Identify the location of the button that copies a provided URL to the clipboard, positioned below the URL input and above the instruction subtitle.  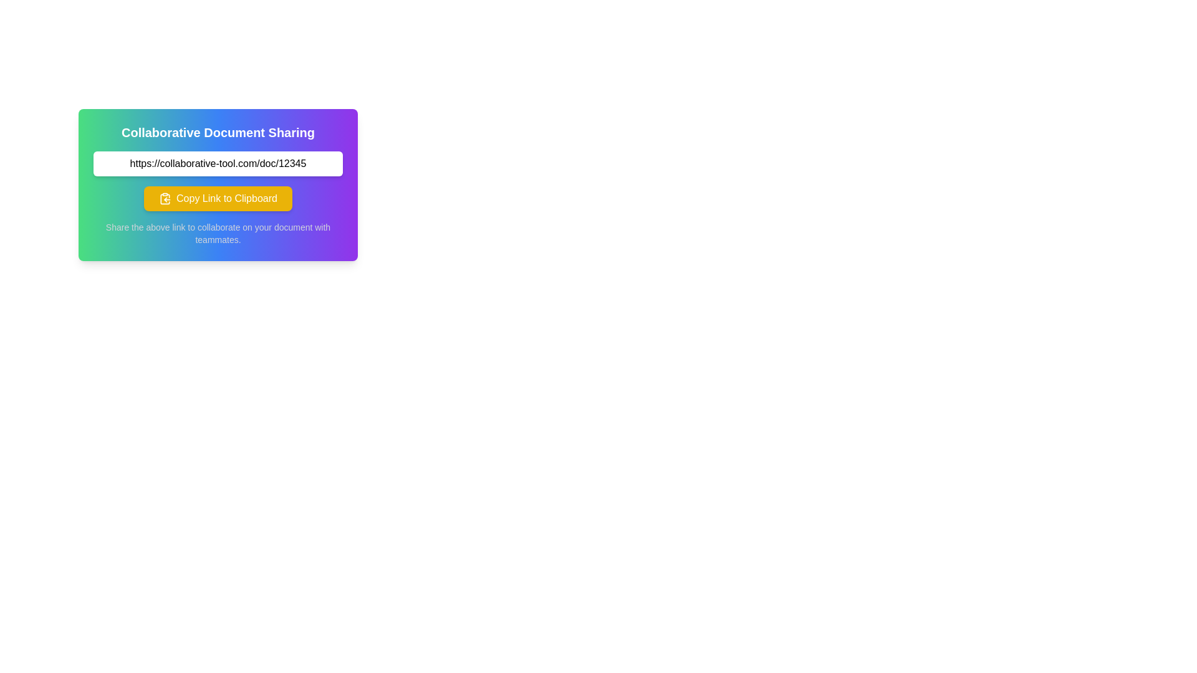
(218, 198).